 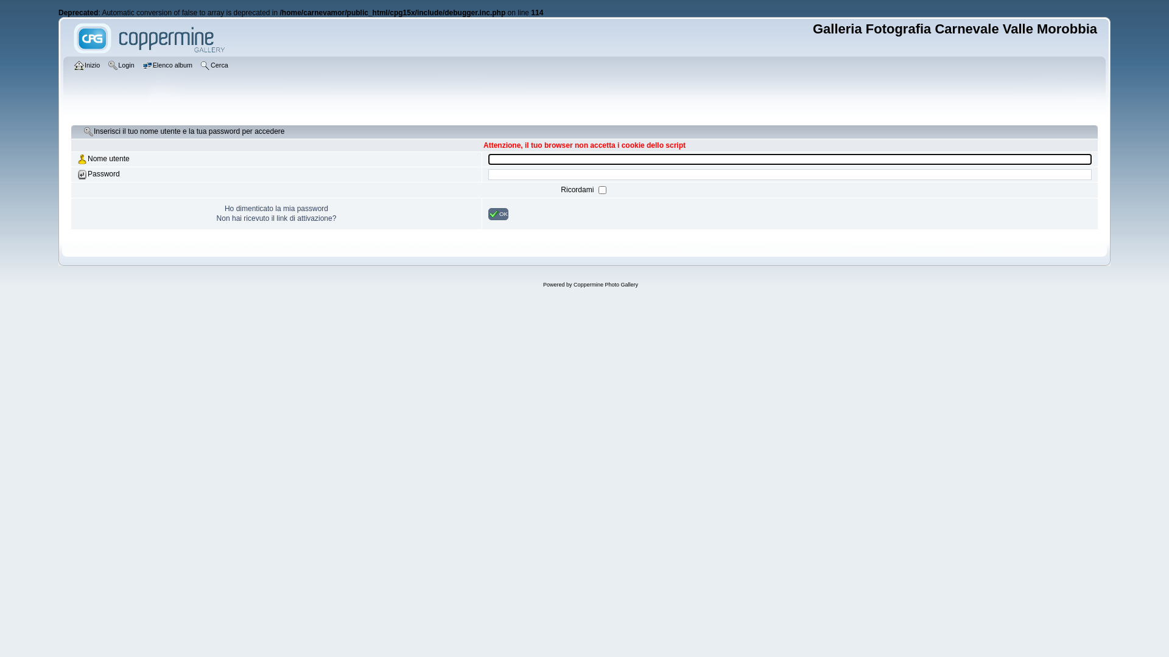 I want to click on 'Inizio', so click(x=73, y=66).